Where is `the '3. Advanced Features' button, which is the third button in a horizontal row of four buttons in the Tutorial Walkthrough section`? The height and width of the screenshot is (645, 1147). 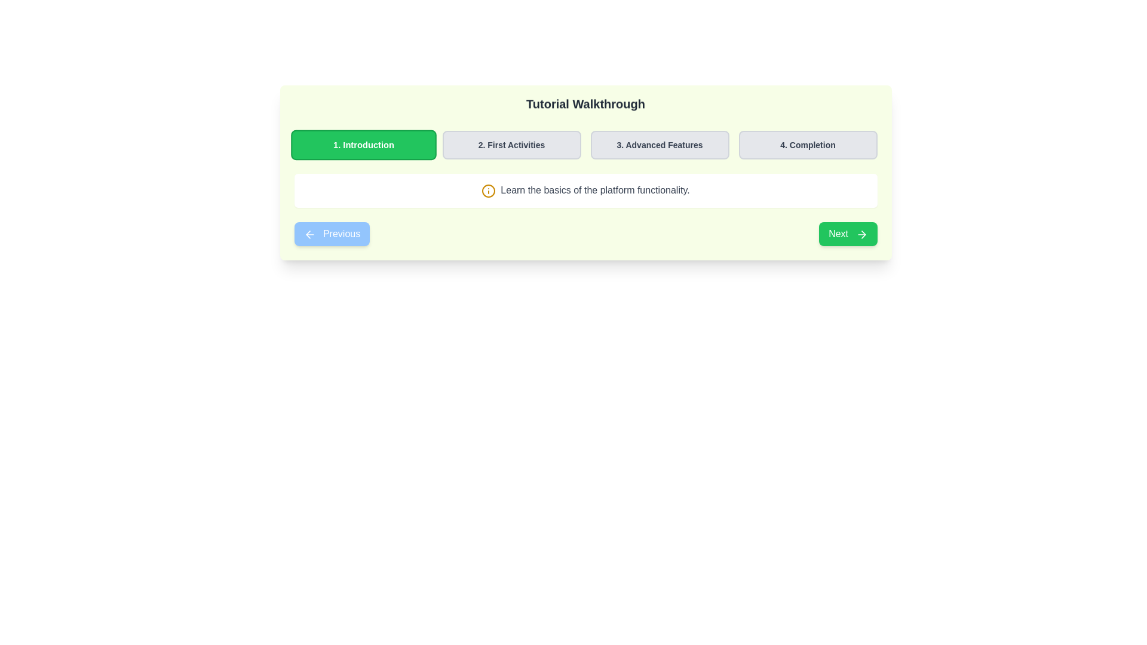 the '3. Advanced Features' button, which is the third button in a horizontal row of four buttons in the Tutorial Walkthrough section is located at coordinates (659, 145).